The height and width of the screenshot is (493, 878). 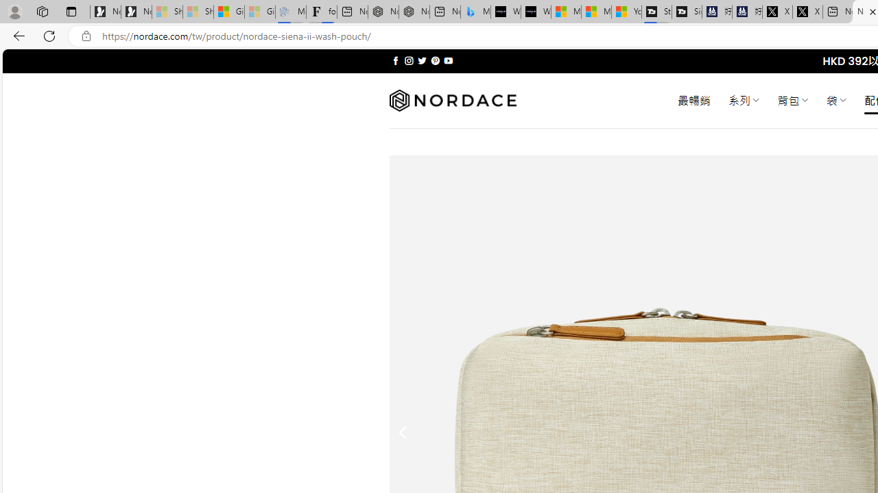 What do you see at coordinates (408, 60) in the screenshot?
I see `'Follow on Instagram'` at bounding box center [408, 60].